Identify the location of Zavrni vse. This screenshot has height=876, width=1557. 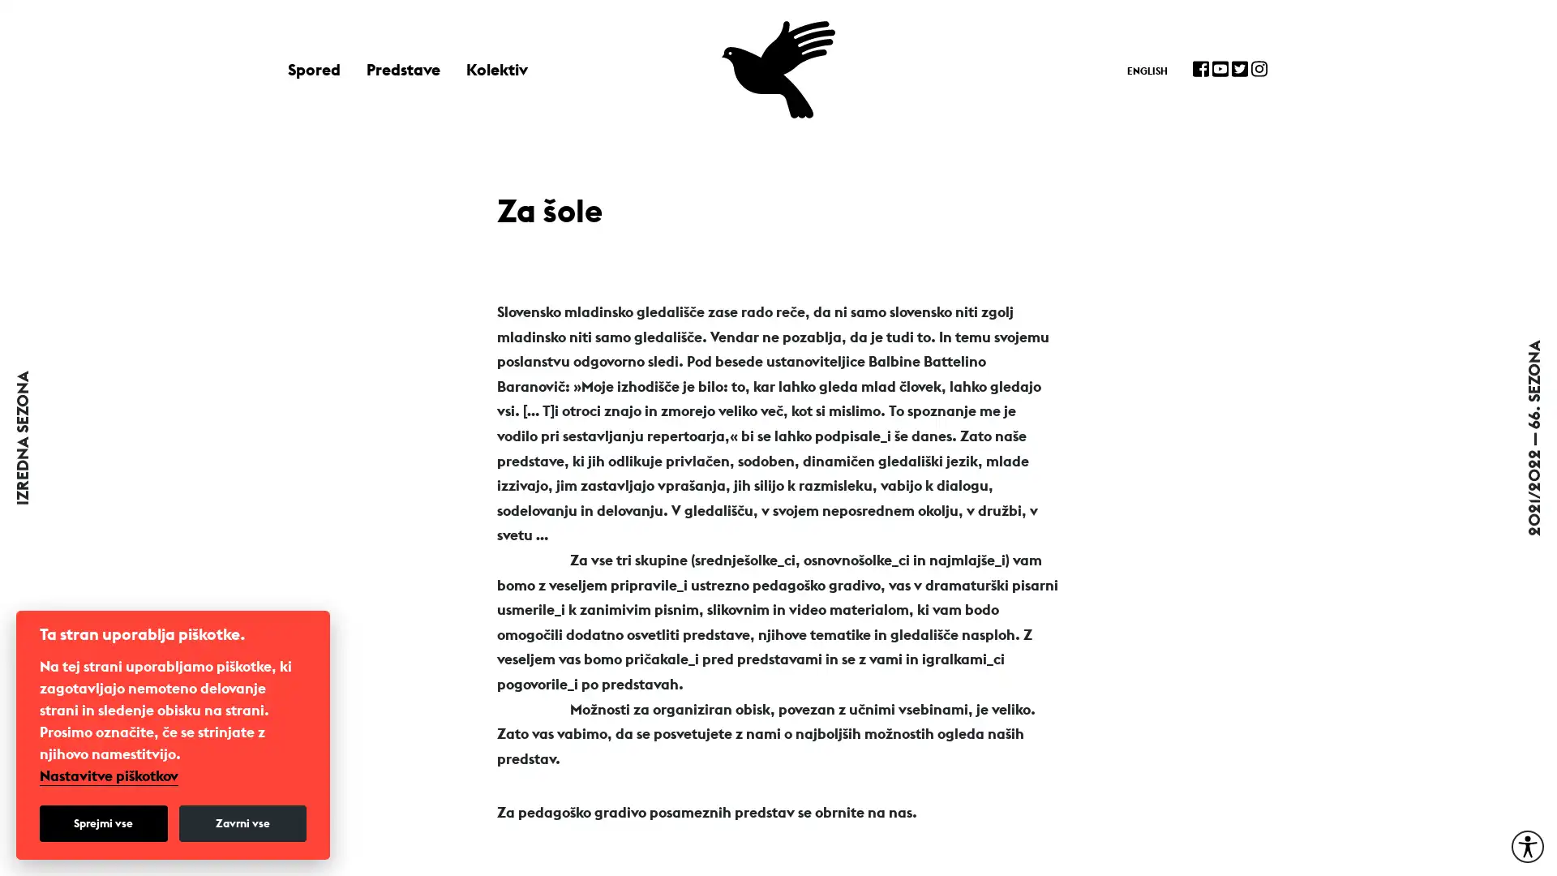
(241, 822).